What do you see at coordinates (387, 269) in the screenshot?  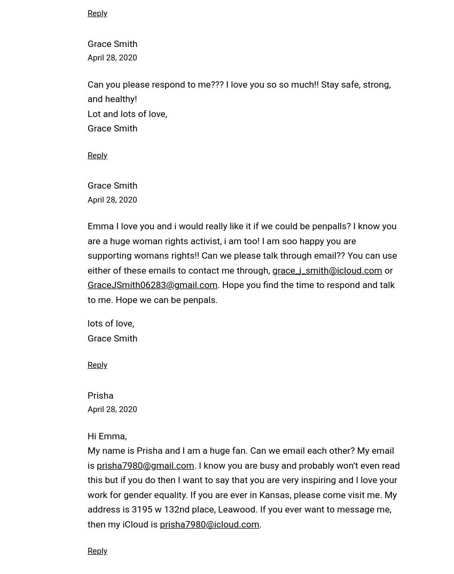 I see `'or'` at bounding box center [387, 269].